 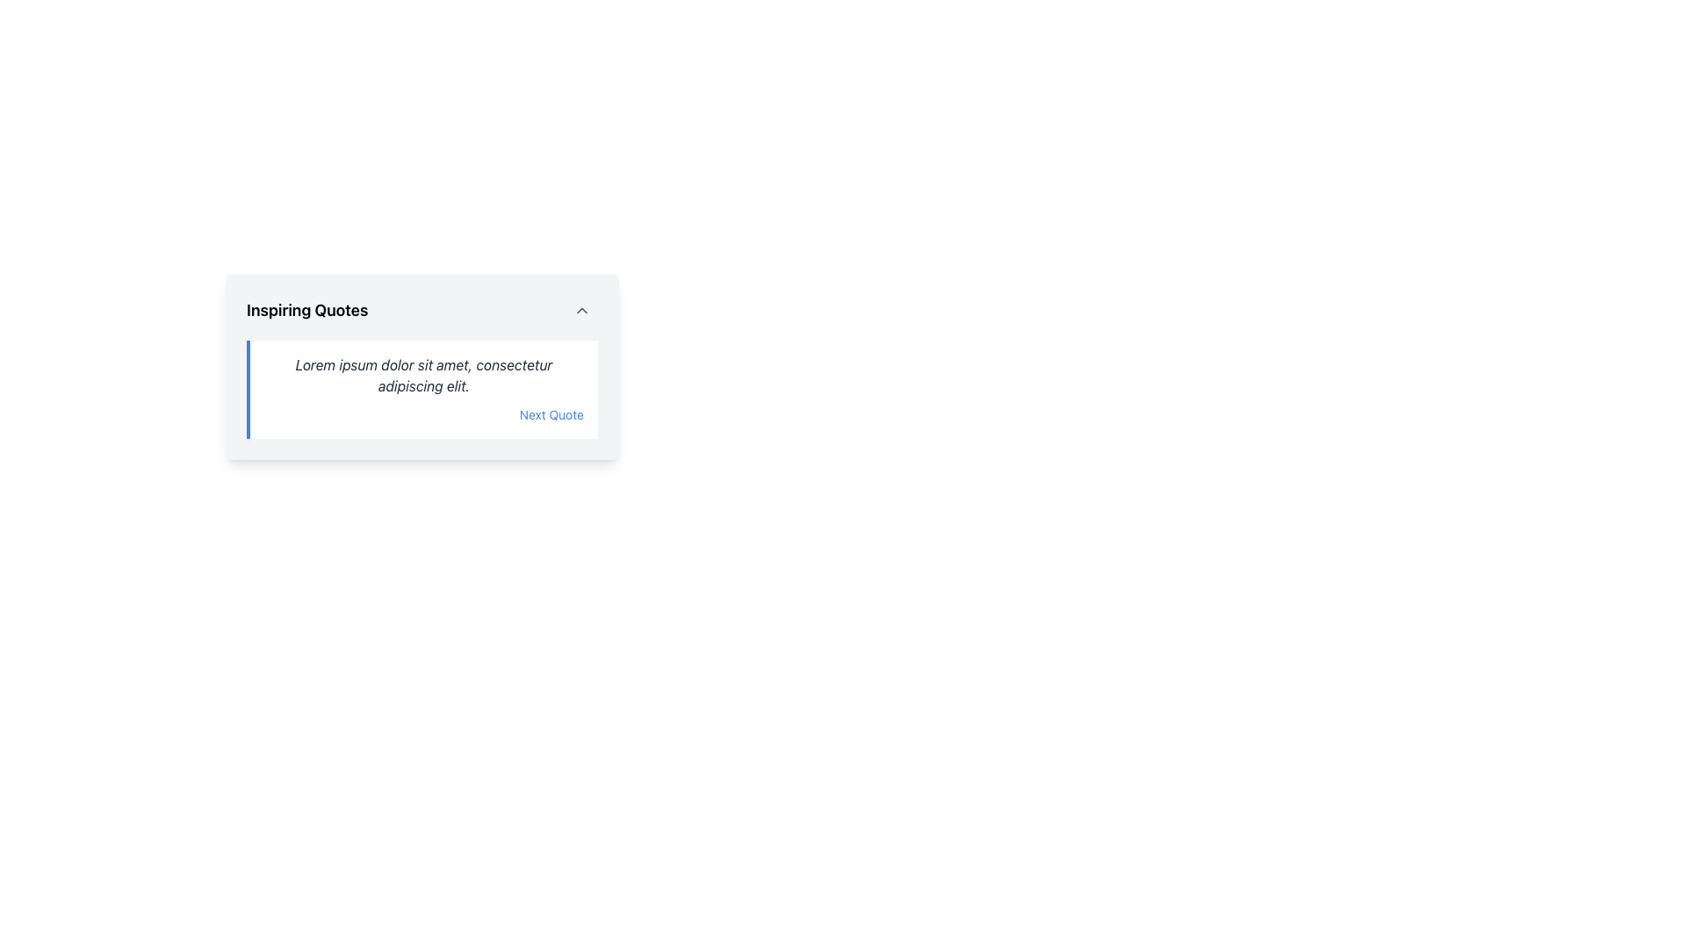 I want to click on the non-interactive text element displaying a quote, located below the heading 'Inspiring Quotes' and above 'Next Quote', so click(x=424, y=375).